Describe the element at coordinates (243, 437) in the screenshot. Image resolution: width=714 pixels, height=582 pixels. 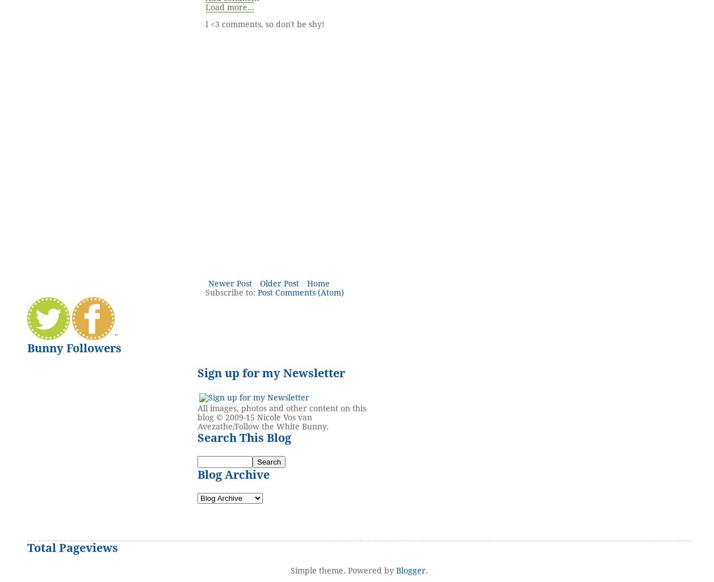
I see `'Search This Blog'` at that location.